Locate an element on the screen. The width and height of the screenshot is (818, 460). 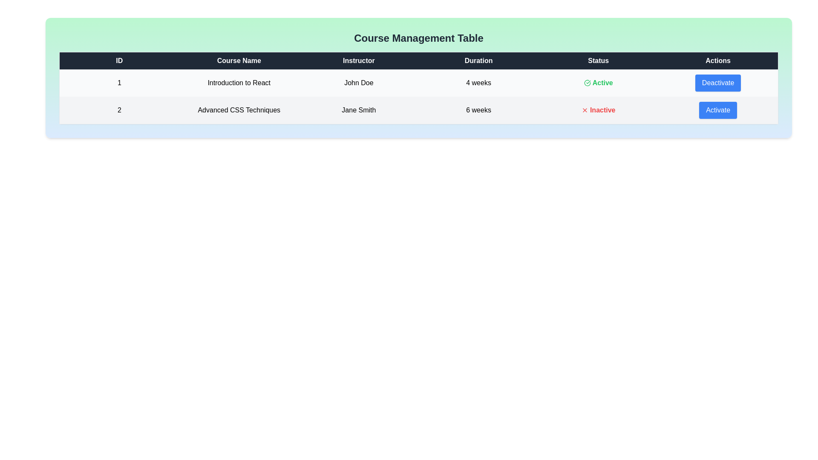
the text label in the first column of the second row of the table to focus on the corresponding row is located at coordinates (119, 110).